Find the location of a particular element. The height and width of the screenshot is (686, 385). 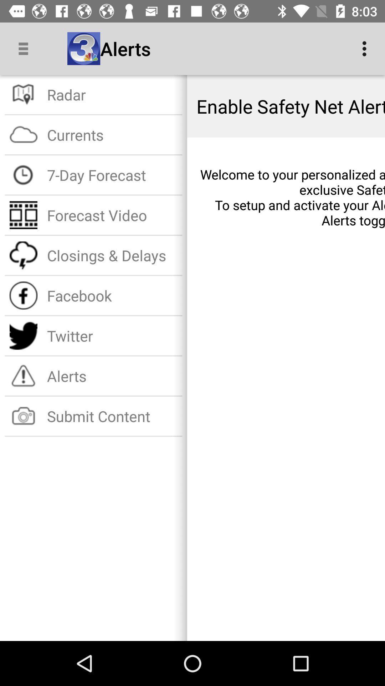

icon below 7-day forecast item is located at coordinates (112, 215).